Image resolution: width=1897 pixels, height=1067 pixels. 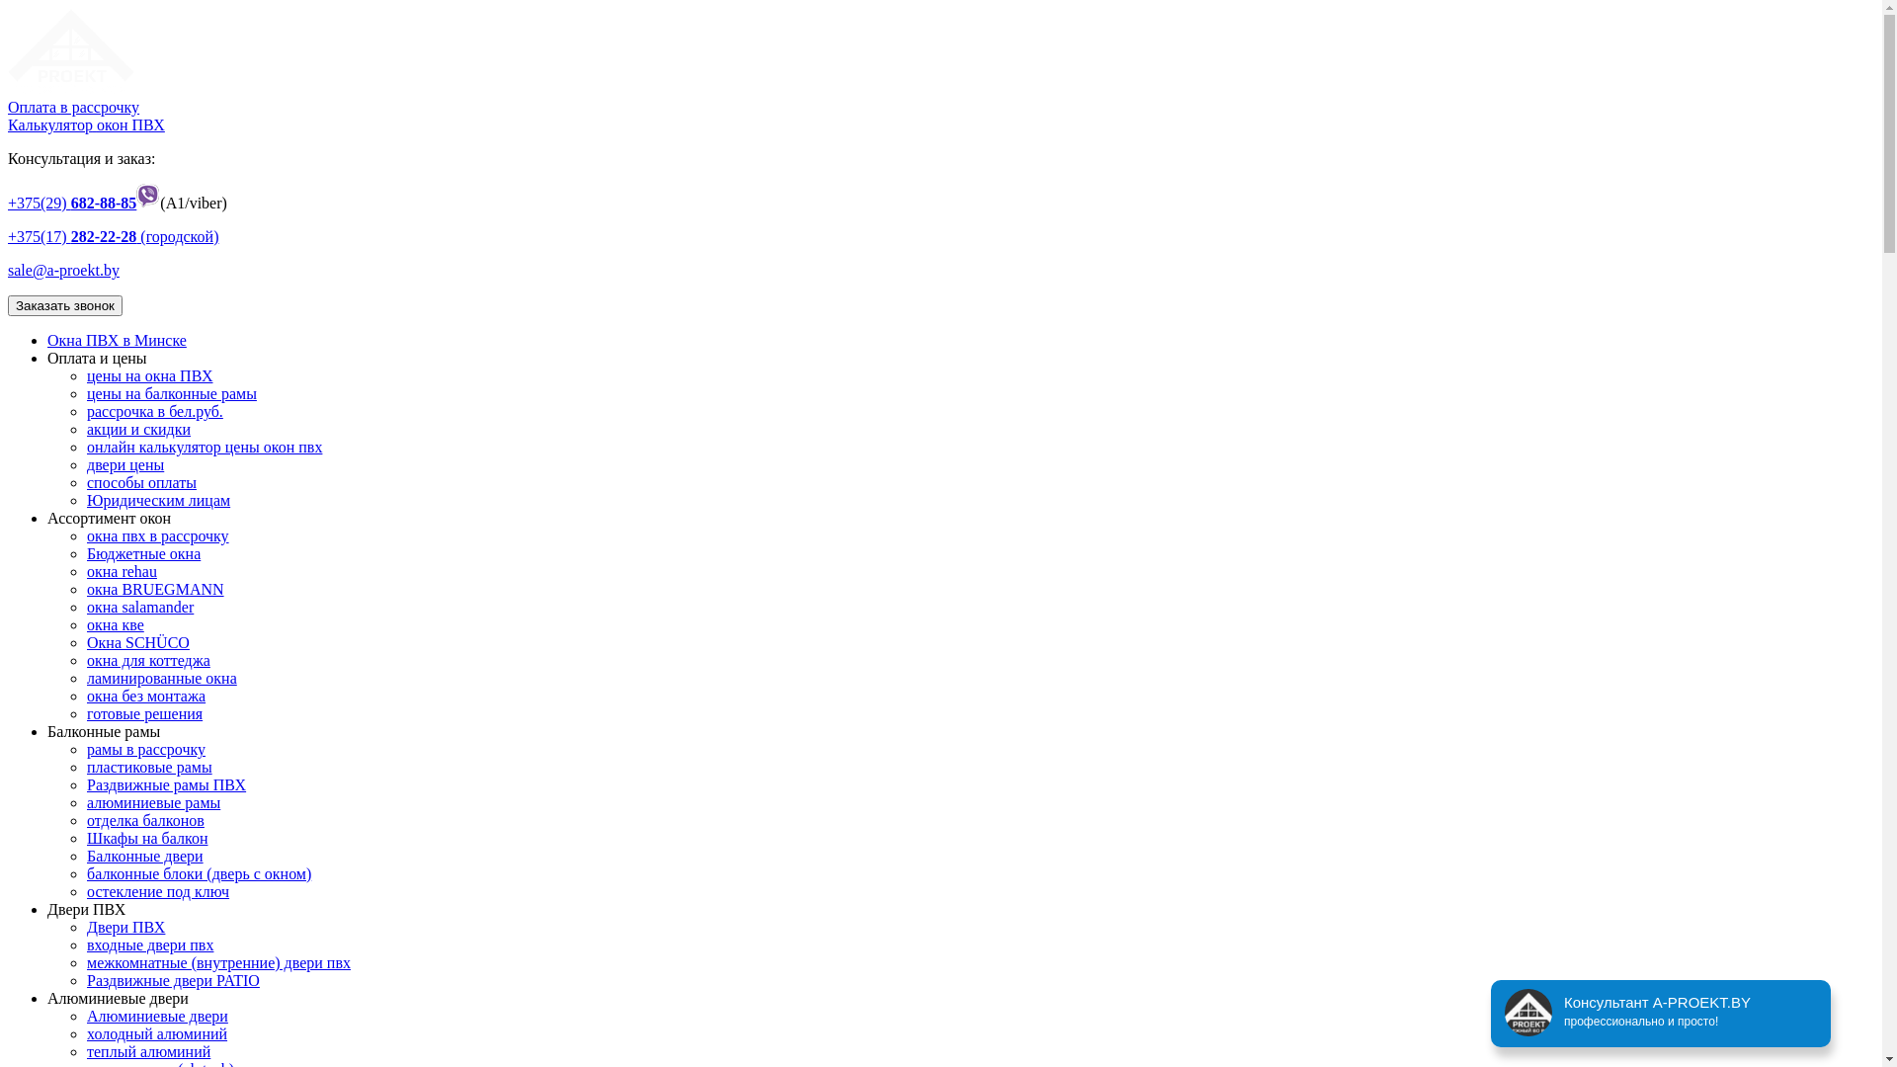 I want to click on '+375(29) 682-88-85', so click(x=71, y=203).